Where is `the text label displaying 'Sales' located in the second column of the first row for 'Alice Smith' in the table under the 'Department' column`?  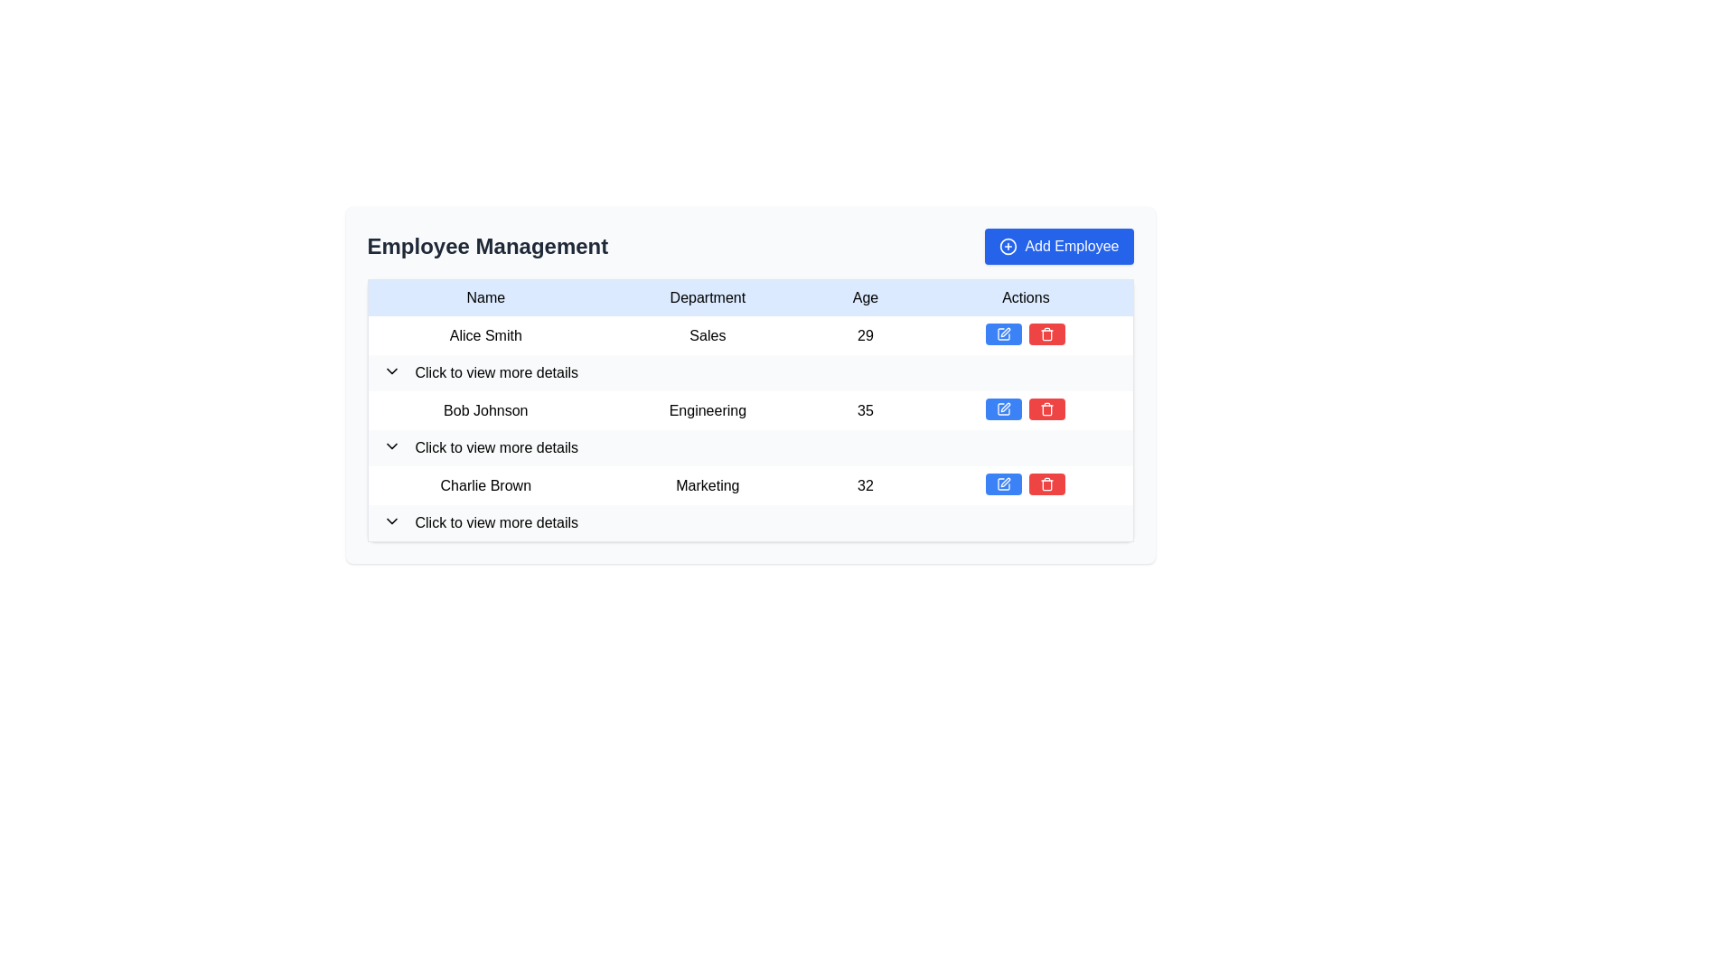
the text label displaying 'Sales' located in the second column of the first row for 'Alice Smith' in the table under the 'Department' column is located at coordinates (707, 335).